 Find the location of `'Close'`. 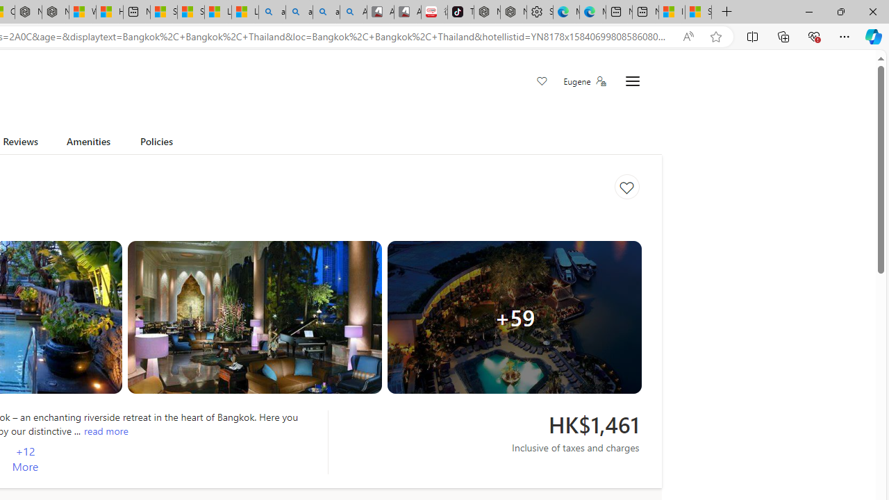

'Close' is located at coordinates (872, 11).